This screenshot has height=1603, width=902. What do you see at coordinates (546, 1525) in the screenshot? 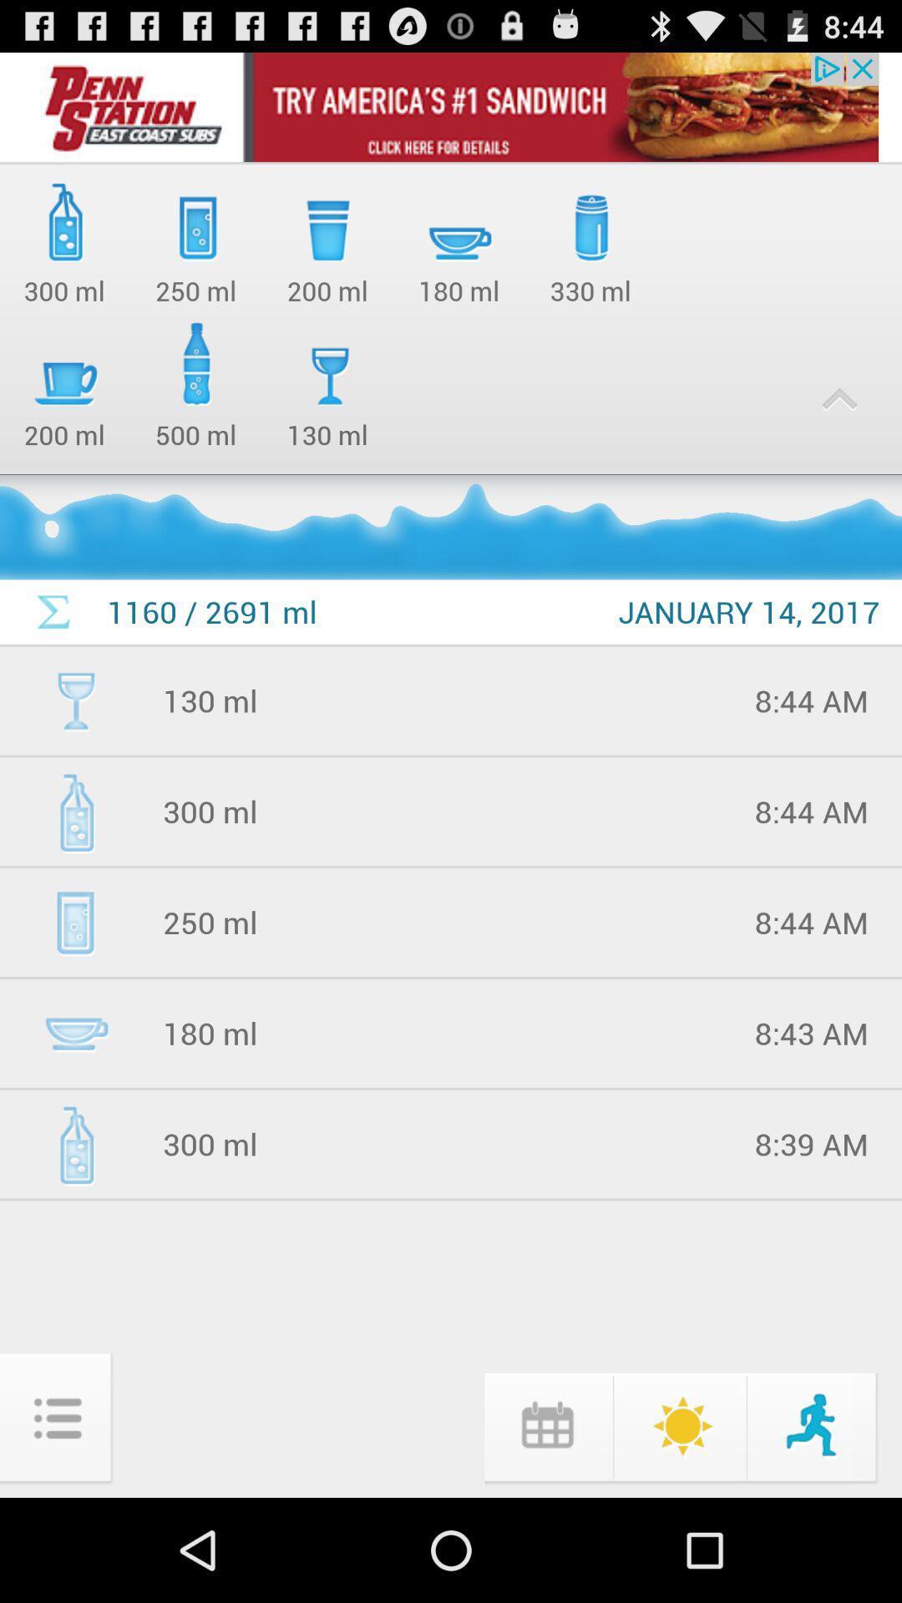
I see `the date_range icon` at bounding box center [546, 1525].